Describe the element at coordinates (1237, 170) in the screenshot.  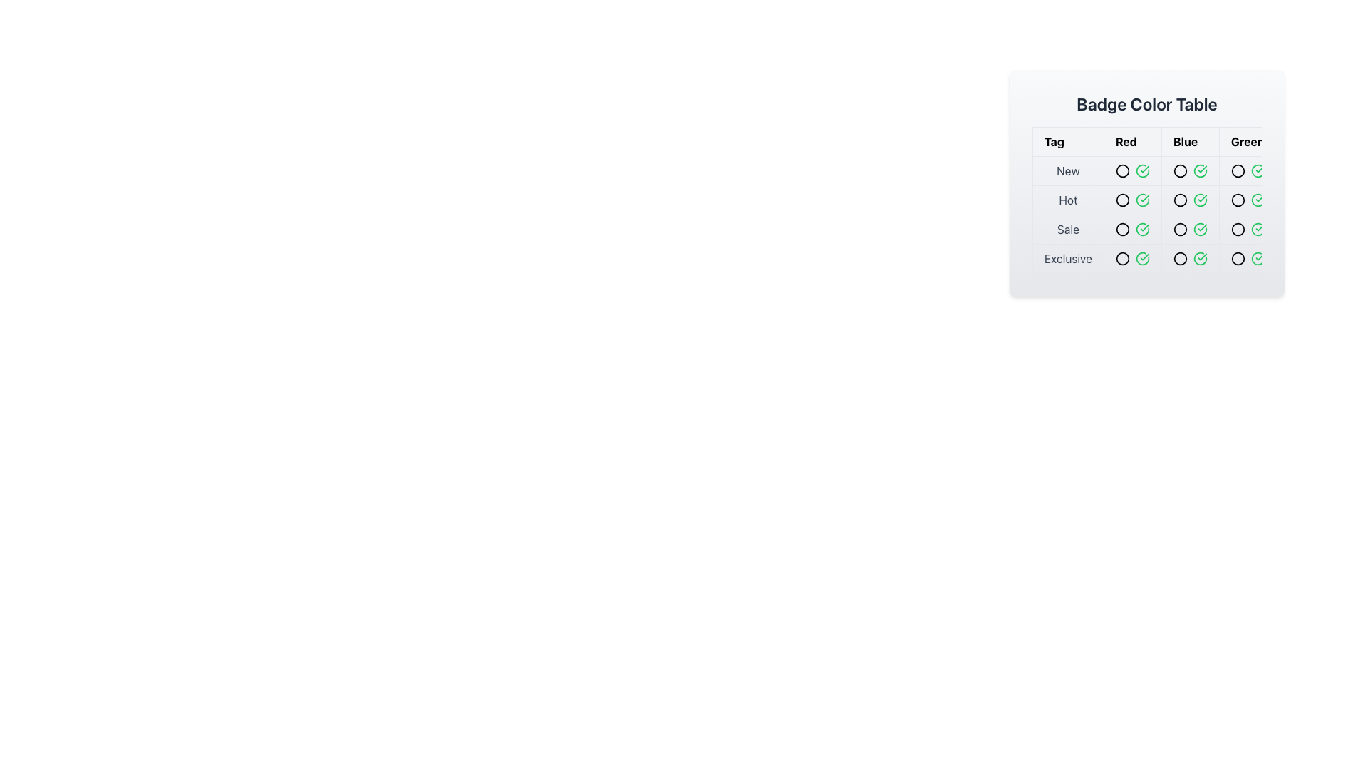
I see `the circular green icon in the 'Badge Color Table' interface that indicates a positive or active status for the 'New' tag` at that location.